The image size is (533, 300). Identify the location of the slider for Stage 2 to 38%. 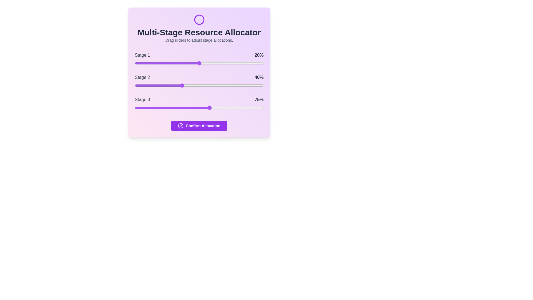
(183, 86).